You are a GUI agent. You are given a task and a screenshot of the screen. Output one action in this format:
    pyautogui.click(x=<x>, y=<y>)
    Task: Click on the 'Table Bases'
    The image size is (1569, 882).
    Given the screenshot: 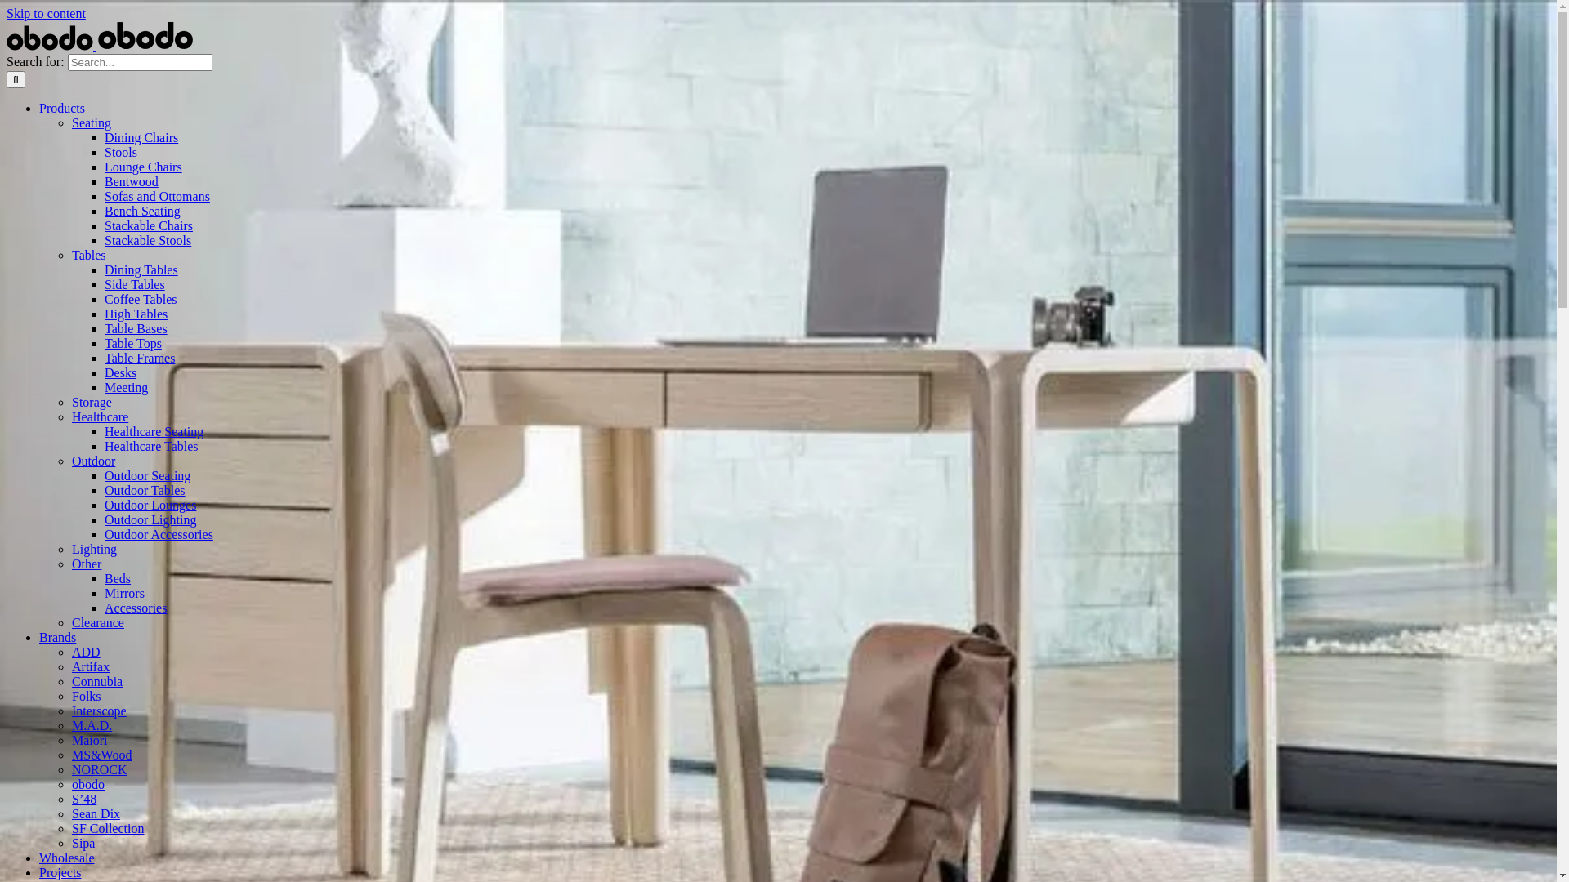 What is the action you would take?
    pyautogui.click(x=136, y=328)
    